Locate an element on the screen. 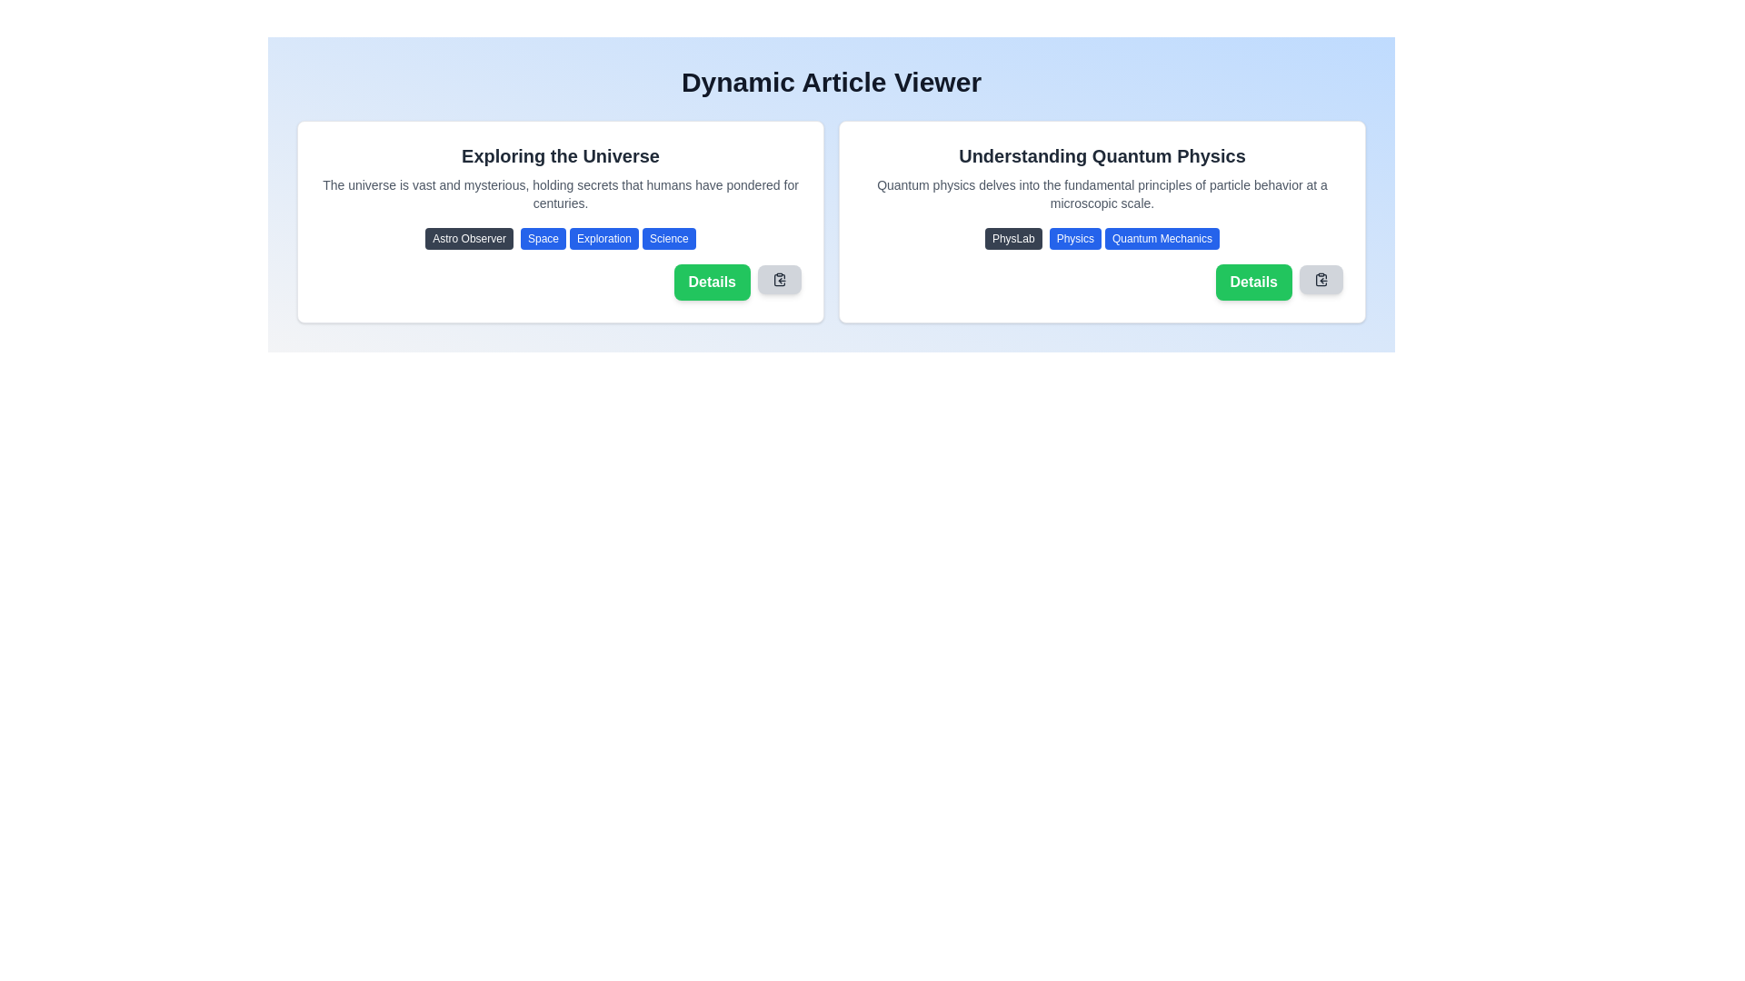 The height and width of the screenshot is (981, 1745). the 'Physics' text label located in the card titled 'Understanding Quantum Physics' on the right side of the view, positioned between the 'PhysLab' and 'Quantum Mechanics' tags is located at coordinates (1075, 237).